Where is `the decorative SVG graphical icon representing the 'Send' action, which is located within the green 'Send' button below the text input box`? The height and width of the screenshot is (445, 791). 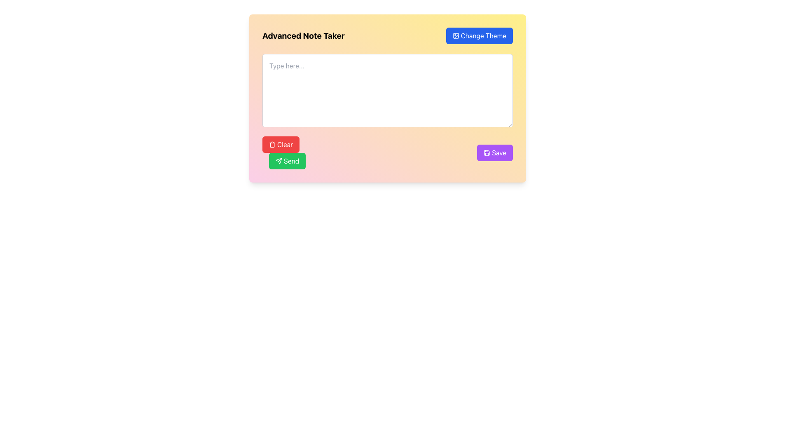
the decorative SVG graphical icon representing the 'Send' action, which is located within the green 'Send' button below the text input box is located at coordinates (278, 161).